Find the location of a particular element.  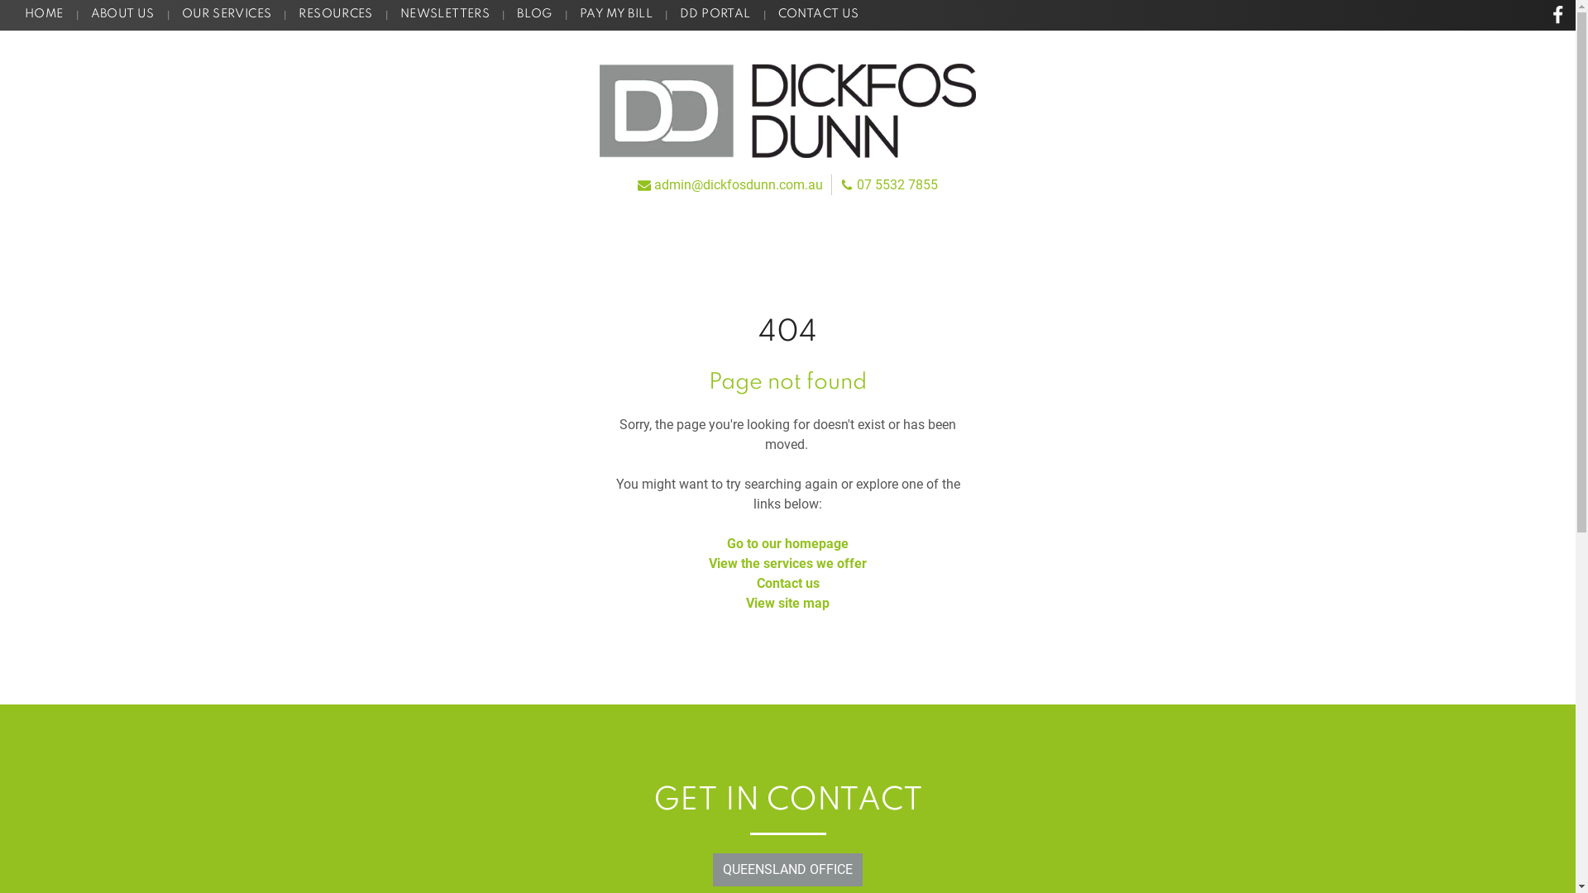

'View site map' is located at coordinates (787, 603).